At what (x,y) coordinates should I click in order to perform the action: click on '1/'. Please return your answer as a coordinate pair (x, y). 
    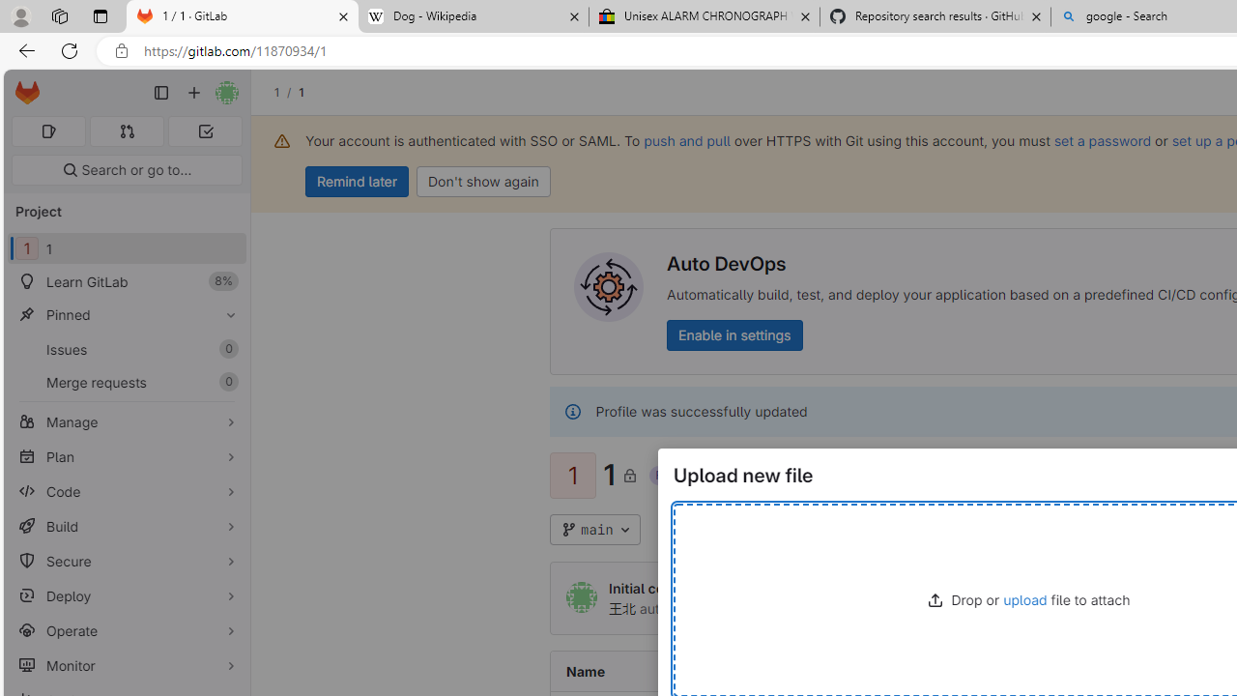
    Looking at the image, I should click on (285, 92).